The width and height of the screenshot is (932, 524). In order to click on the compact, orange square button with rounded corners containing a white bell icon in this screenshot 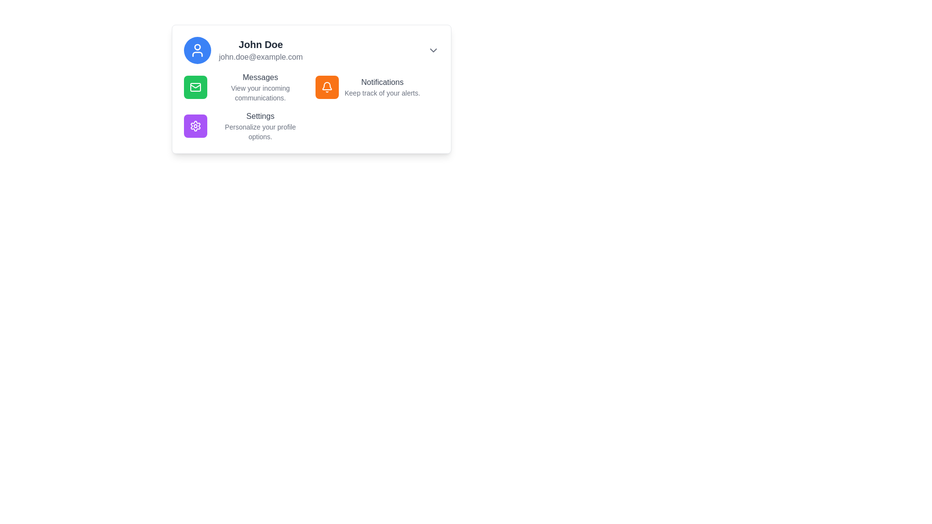, I will do `click(327, 87)`.